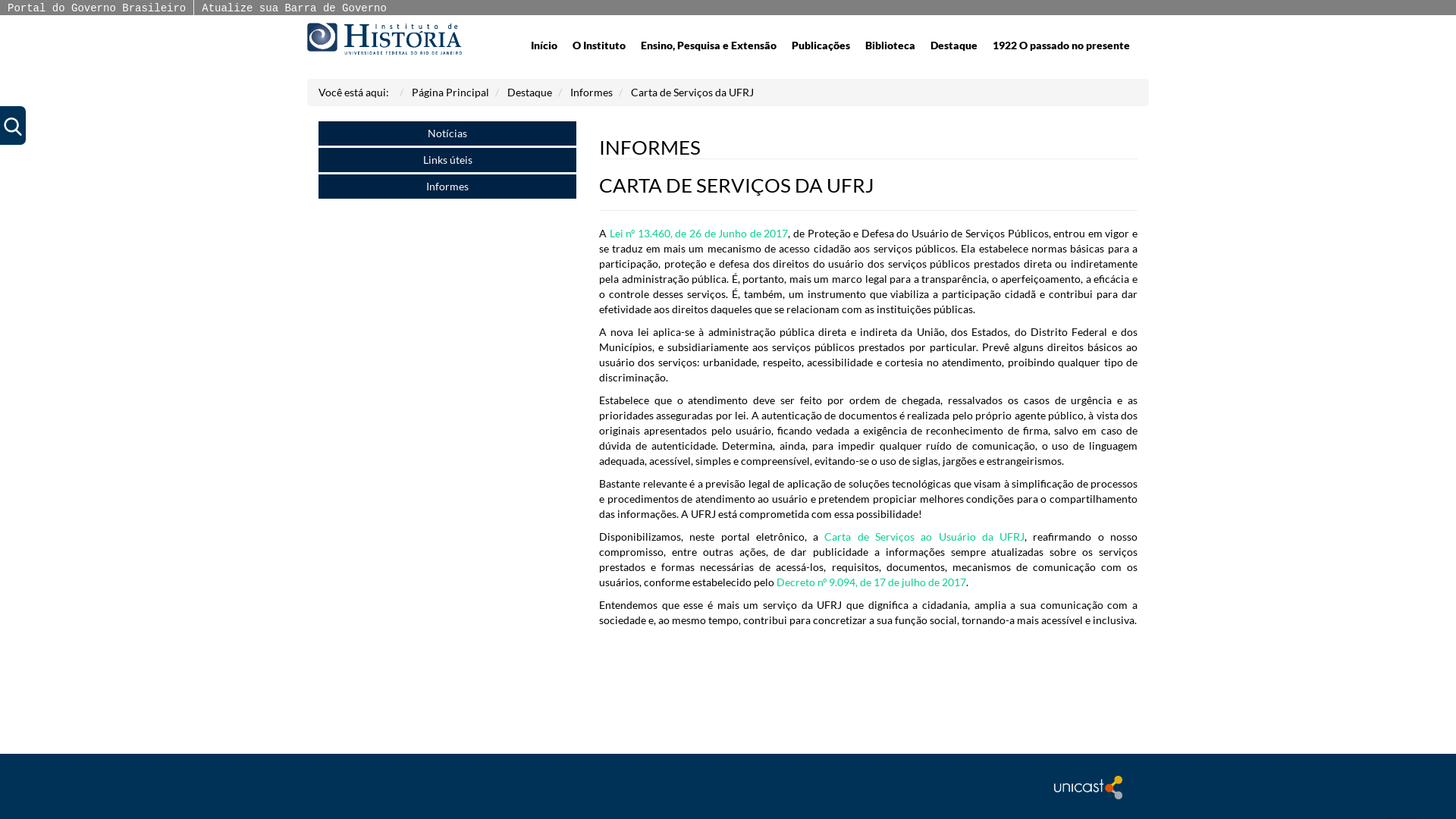  What do you see at coordinates (952, 44) in the screenshot?
I see `'Destaque'` at bounding box center [952, 44].